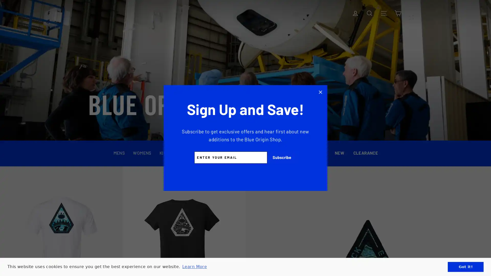  I want to click on Click to Close, so click(320, 91).